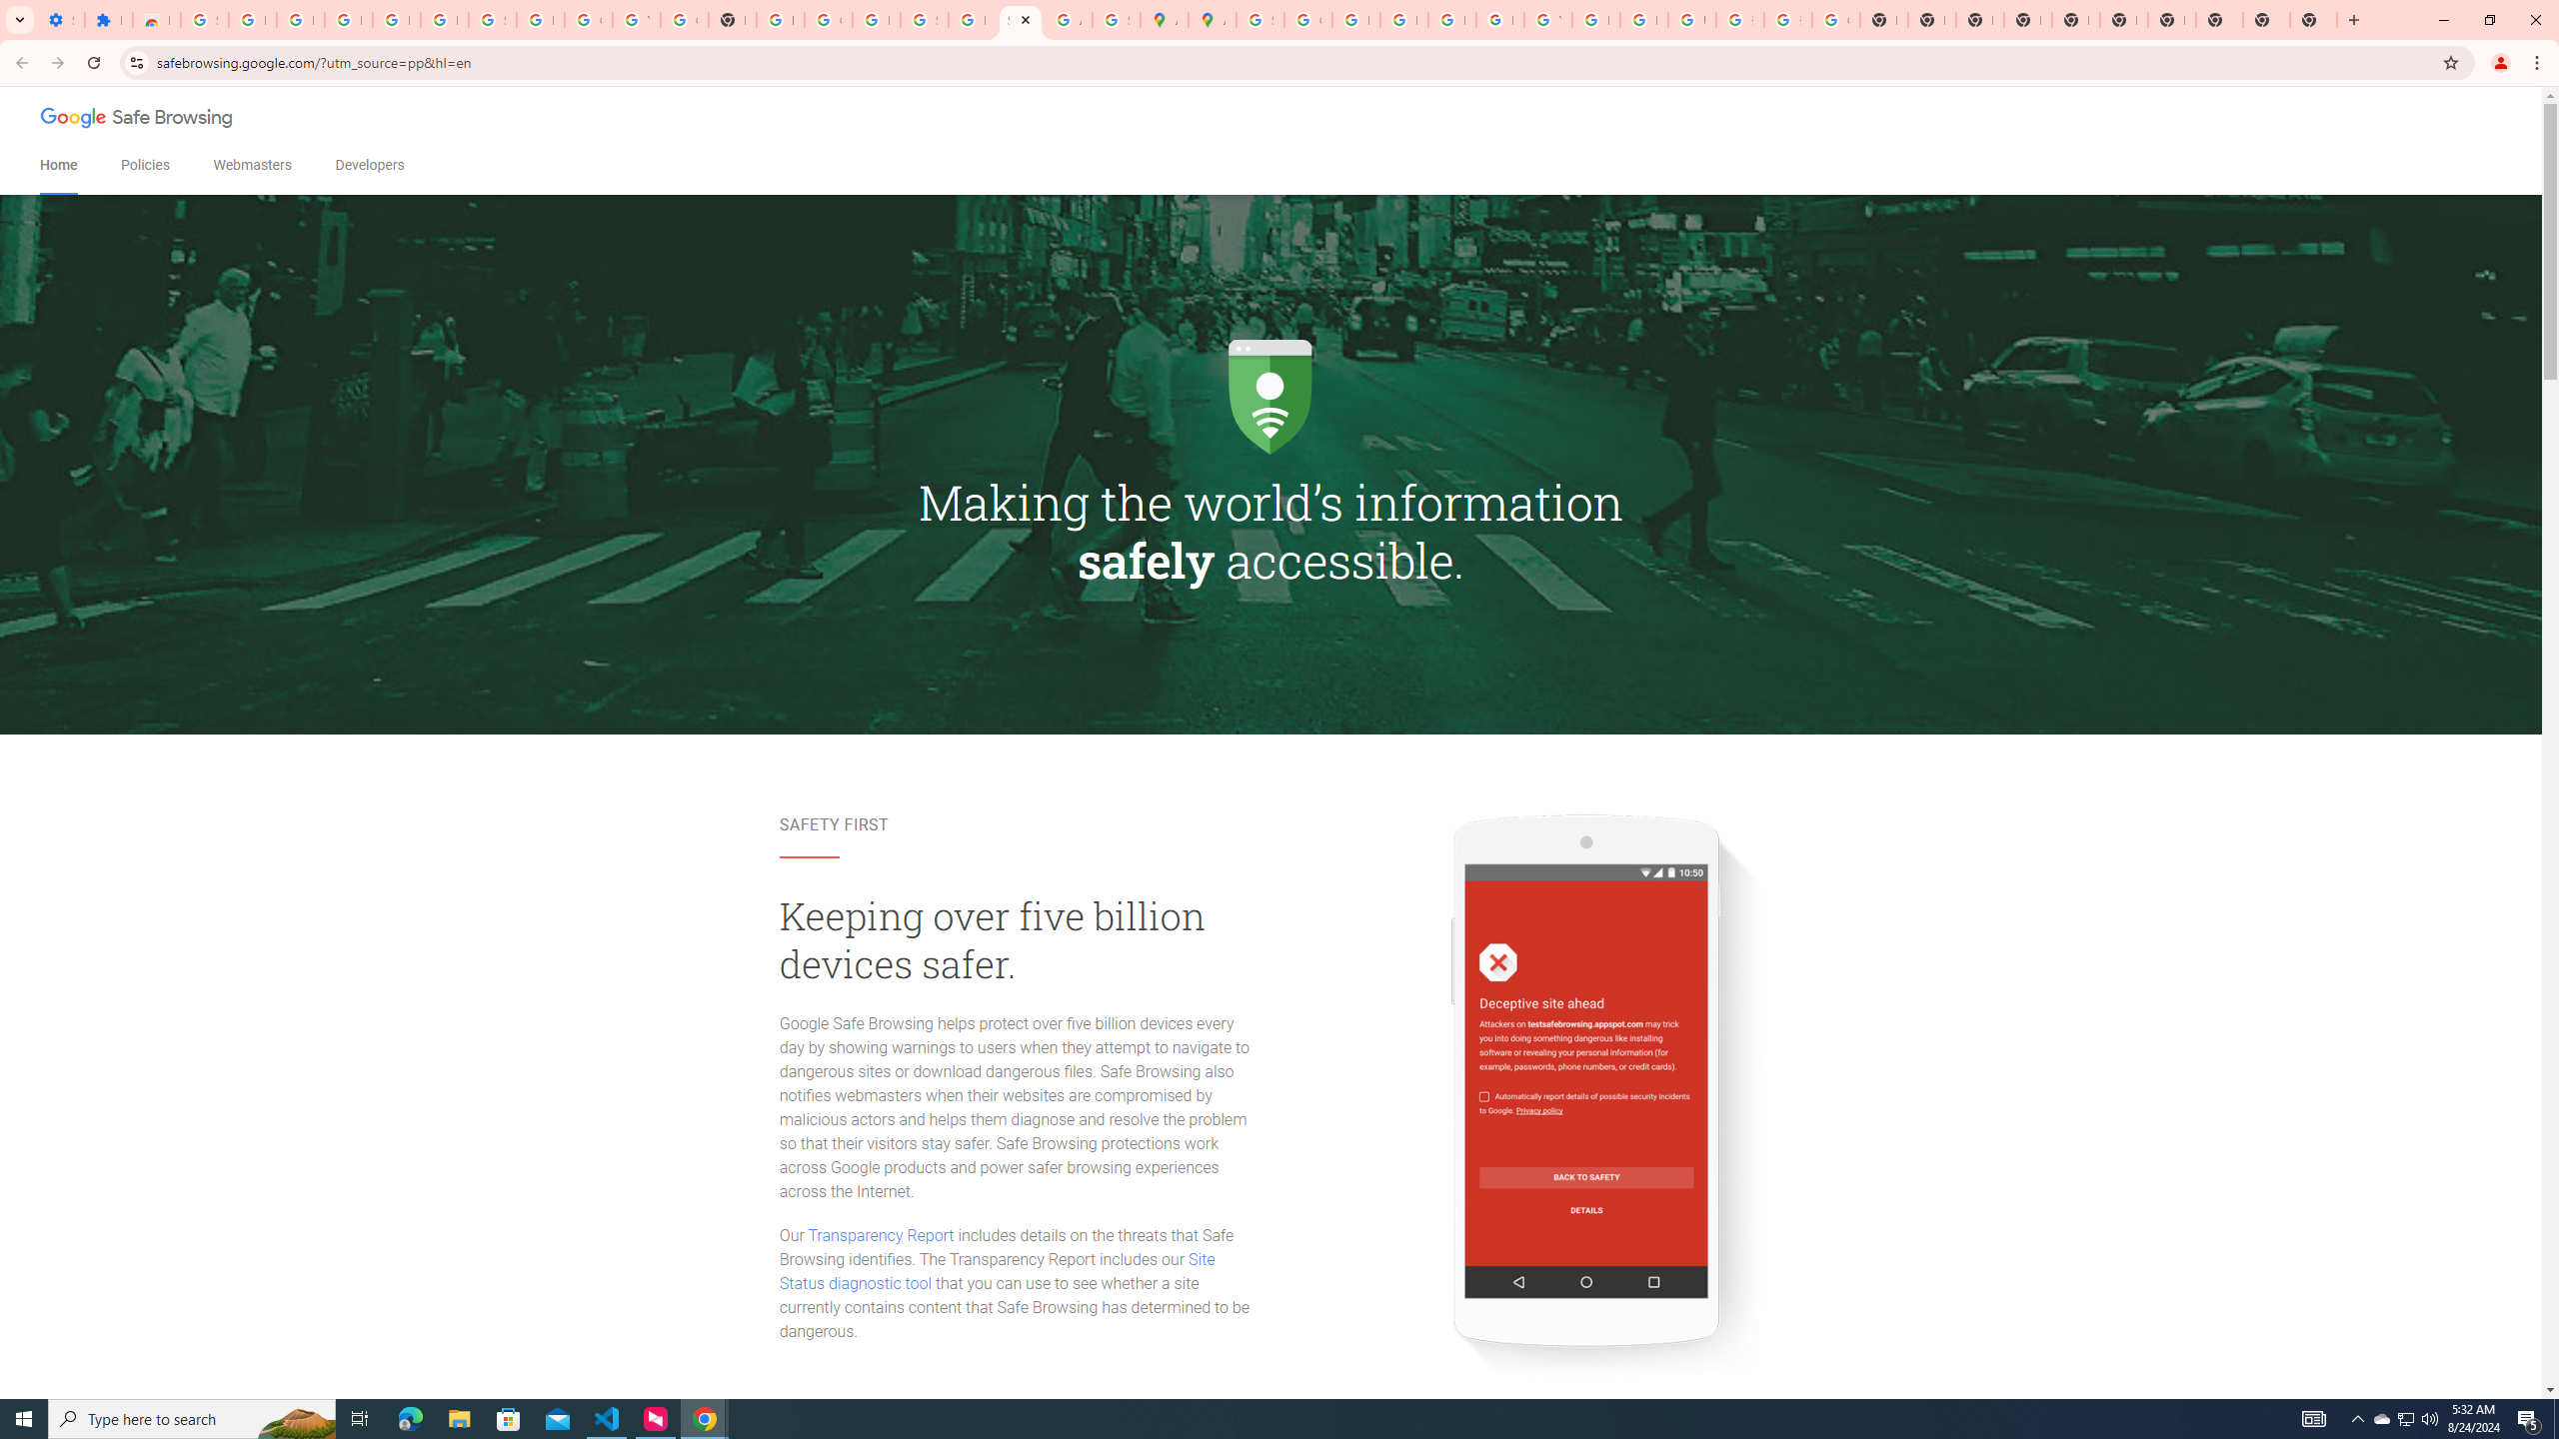 The image size is (2559, 1439). I want to click on 'Privacy Help Center - Policies Help', so click(1355, 19).